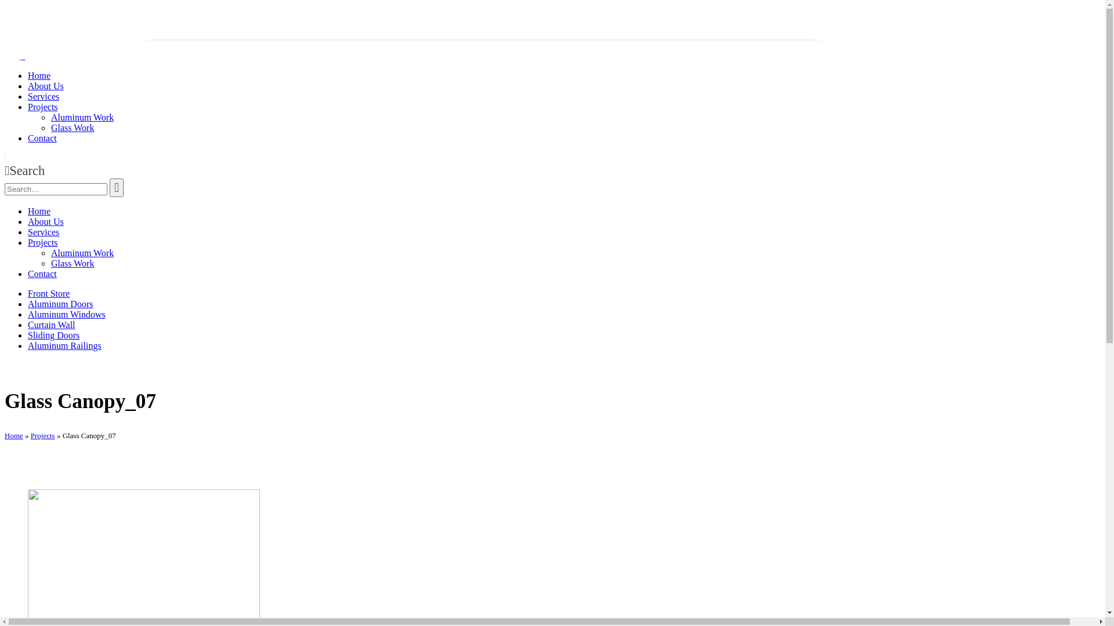  I want to click on 'Curtain Wall', so click(51, 325).